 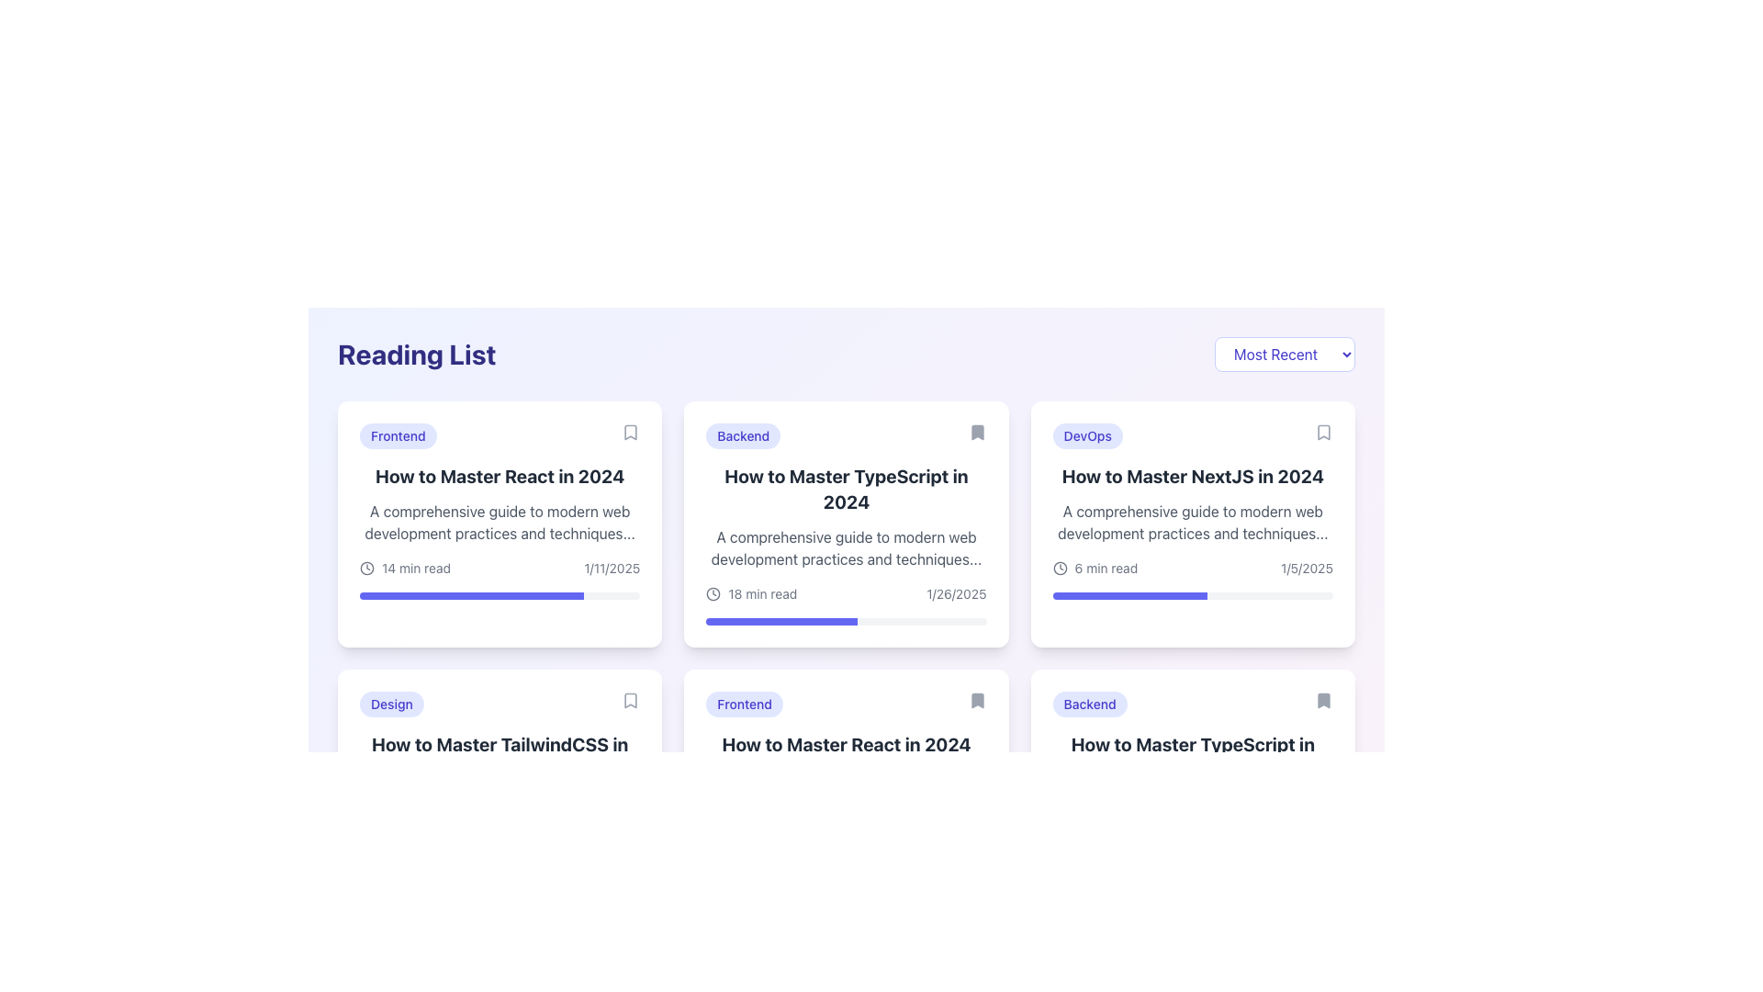 I want to click on the 'Backend' section header label, so click(x=845, y=435).